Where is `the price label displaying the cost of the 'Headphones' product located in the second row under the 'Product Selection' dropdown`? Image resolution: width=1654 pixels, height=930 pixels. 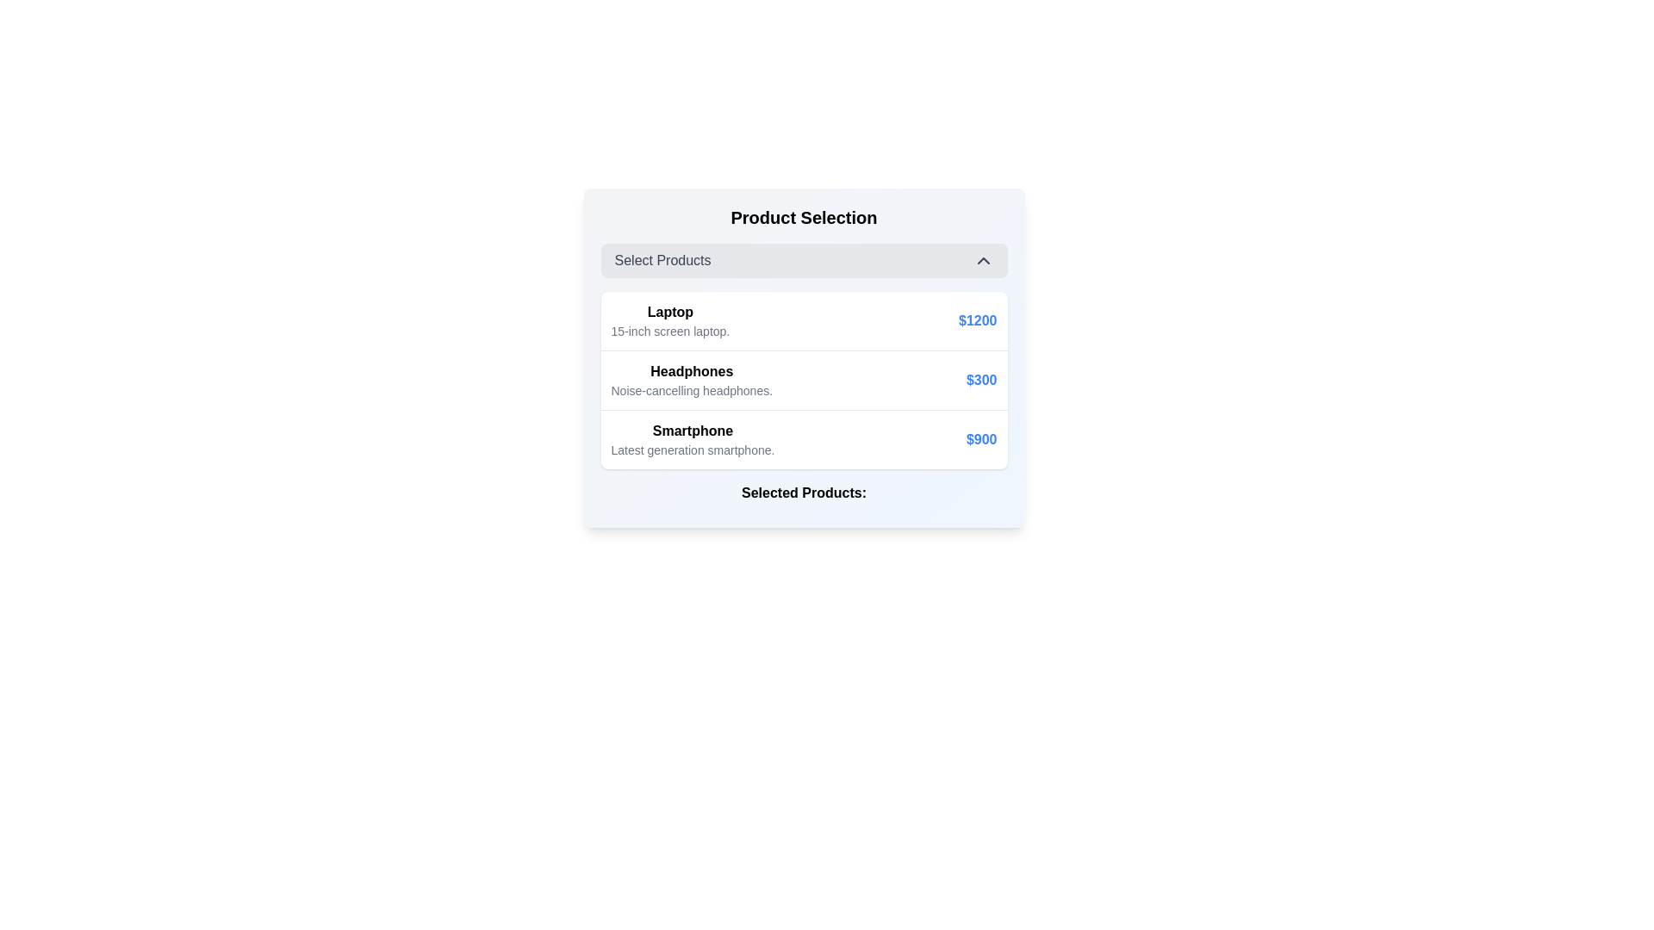 the price label displaying the cost of the 'Headphones' product located in the second row under the 'Product Selection' dropdown is located at coordinates (981, 380).